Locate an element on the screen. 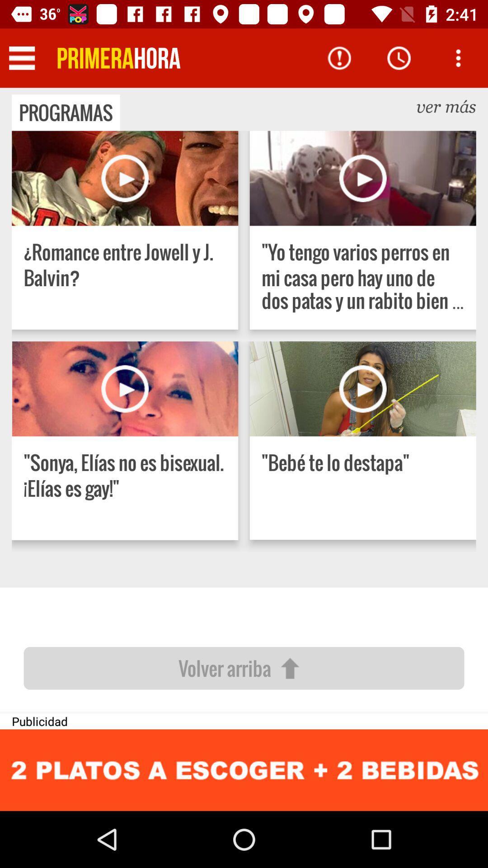 The width and height of the screenshot is (488, 868). expand options is located at coordinates (458, 57).